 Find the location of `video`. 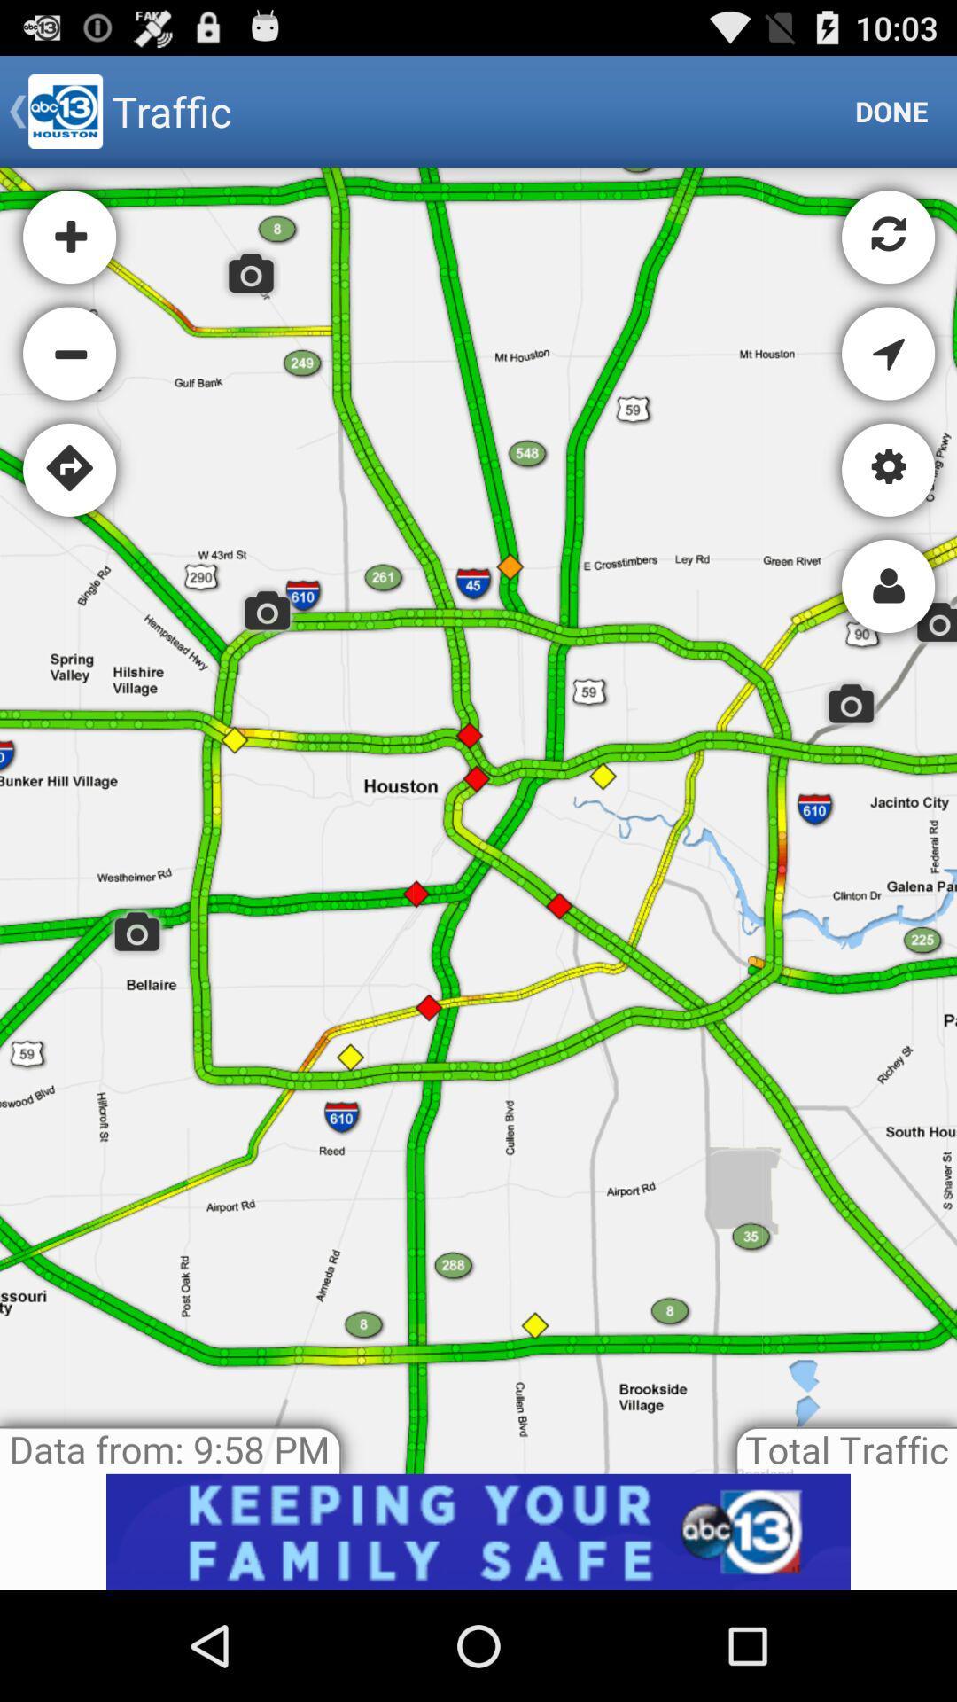

video is located at coordinates (478, 1531).